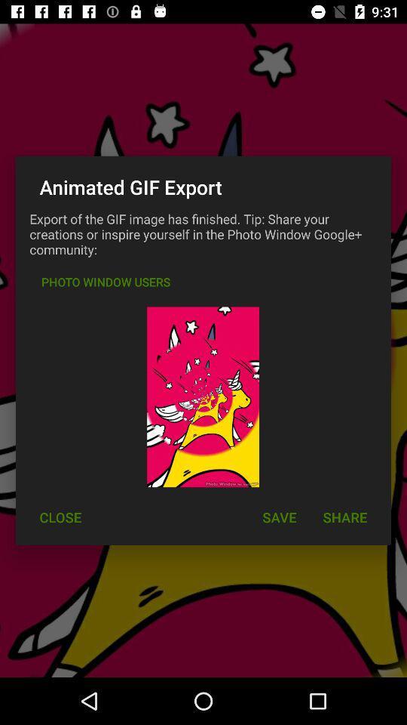 Image resolution: width=407 pixels, height=725 pixels. What do you see at coordinates (278, 517) in the screenshot?
I see `item next to the close` at bounding box center [278, 517].